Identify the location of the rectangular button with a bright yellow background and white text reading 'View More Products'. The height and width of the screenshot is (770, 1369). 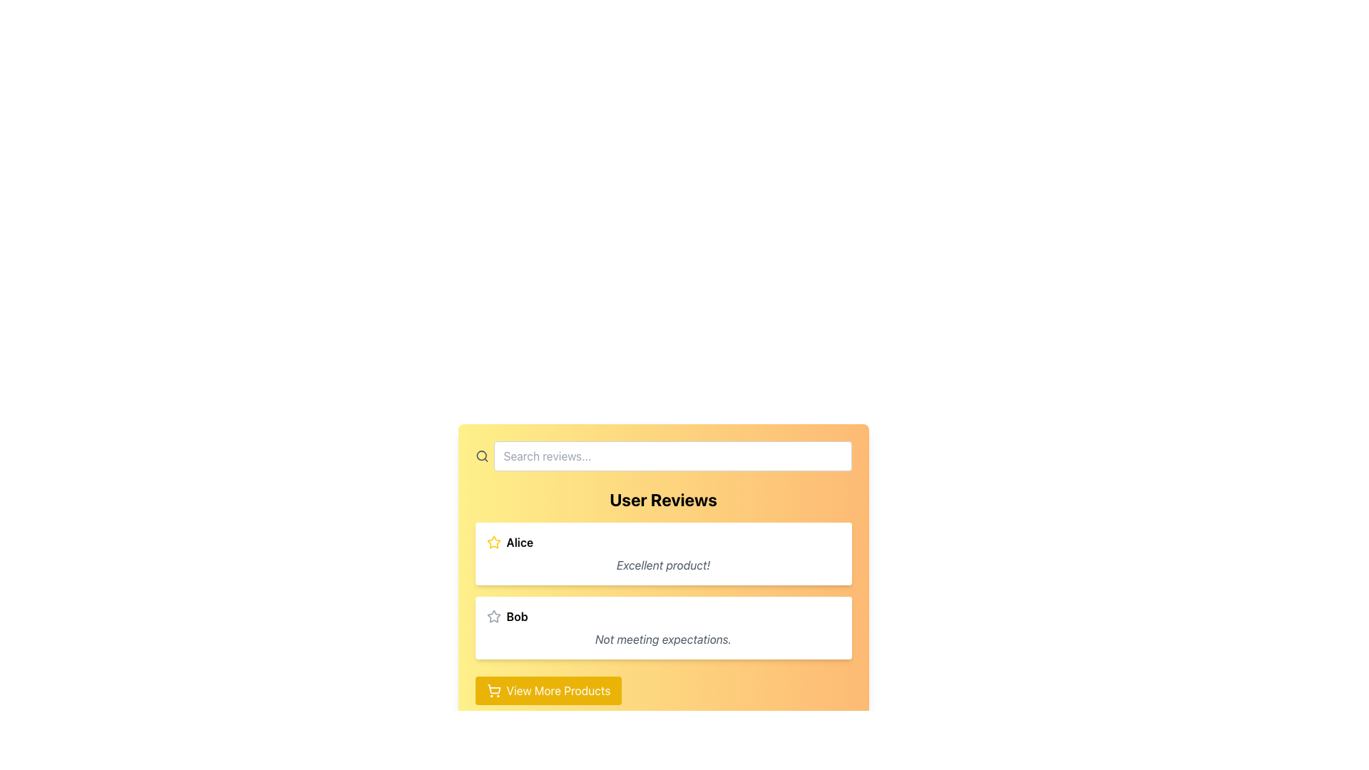
(548, 689).